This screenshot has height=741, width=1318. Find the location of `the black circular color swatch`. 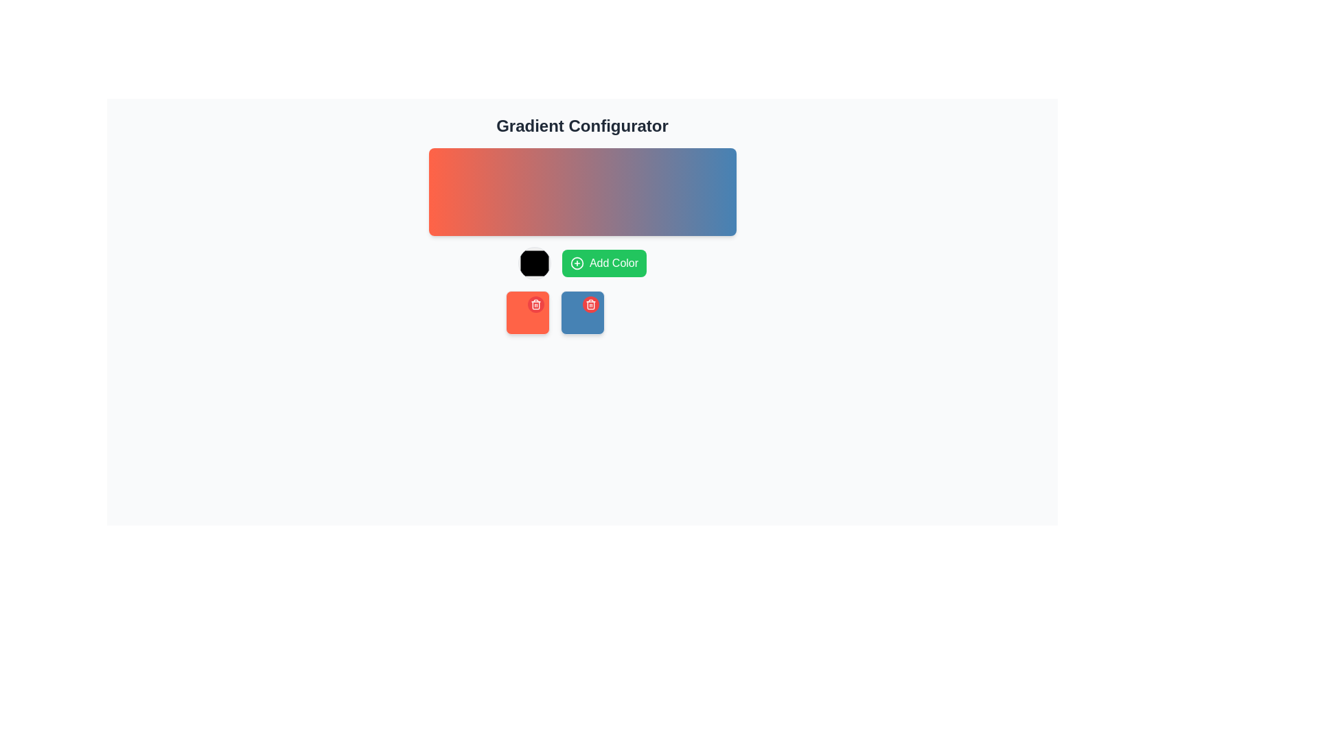

the black circular color swatch is located at coordinates (533, 263).